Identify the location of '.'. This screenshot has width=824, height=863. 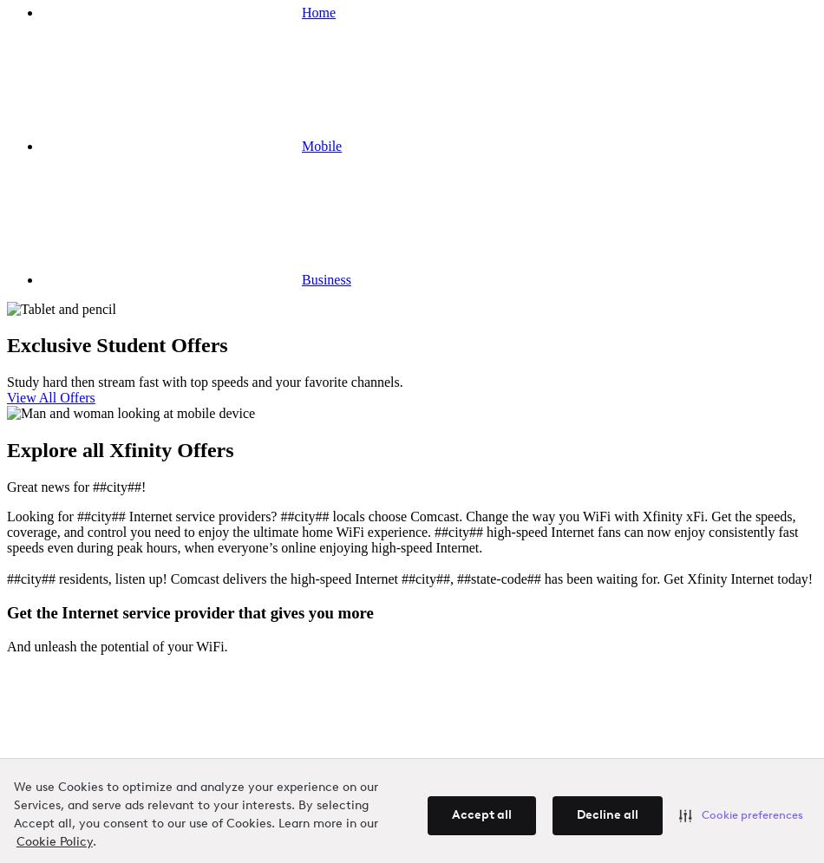
(94, 841).